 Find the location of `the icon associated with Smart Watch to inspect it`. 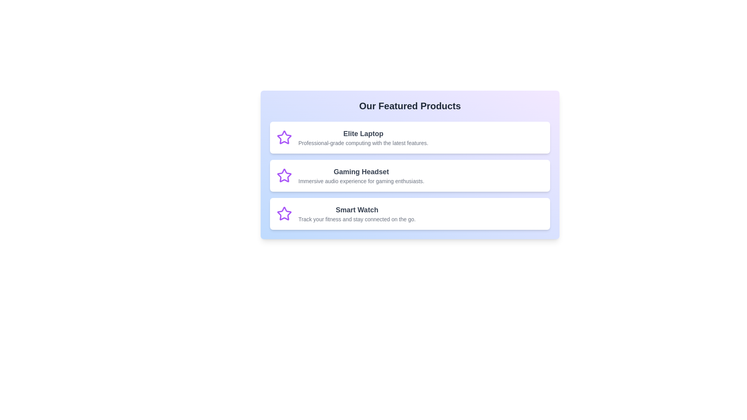

the icon associated with Smart Watch to inspect it is located at coordinates (284, 214).